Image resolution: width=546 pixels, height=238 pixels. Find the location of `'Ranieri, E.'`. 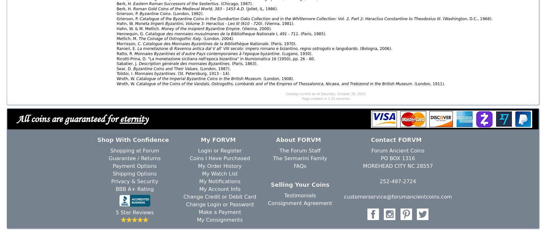

'Ranieri, E.' is located at coordinates (127, 48).